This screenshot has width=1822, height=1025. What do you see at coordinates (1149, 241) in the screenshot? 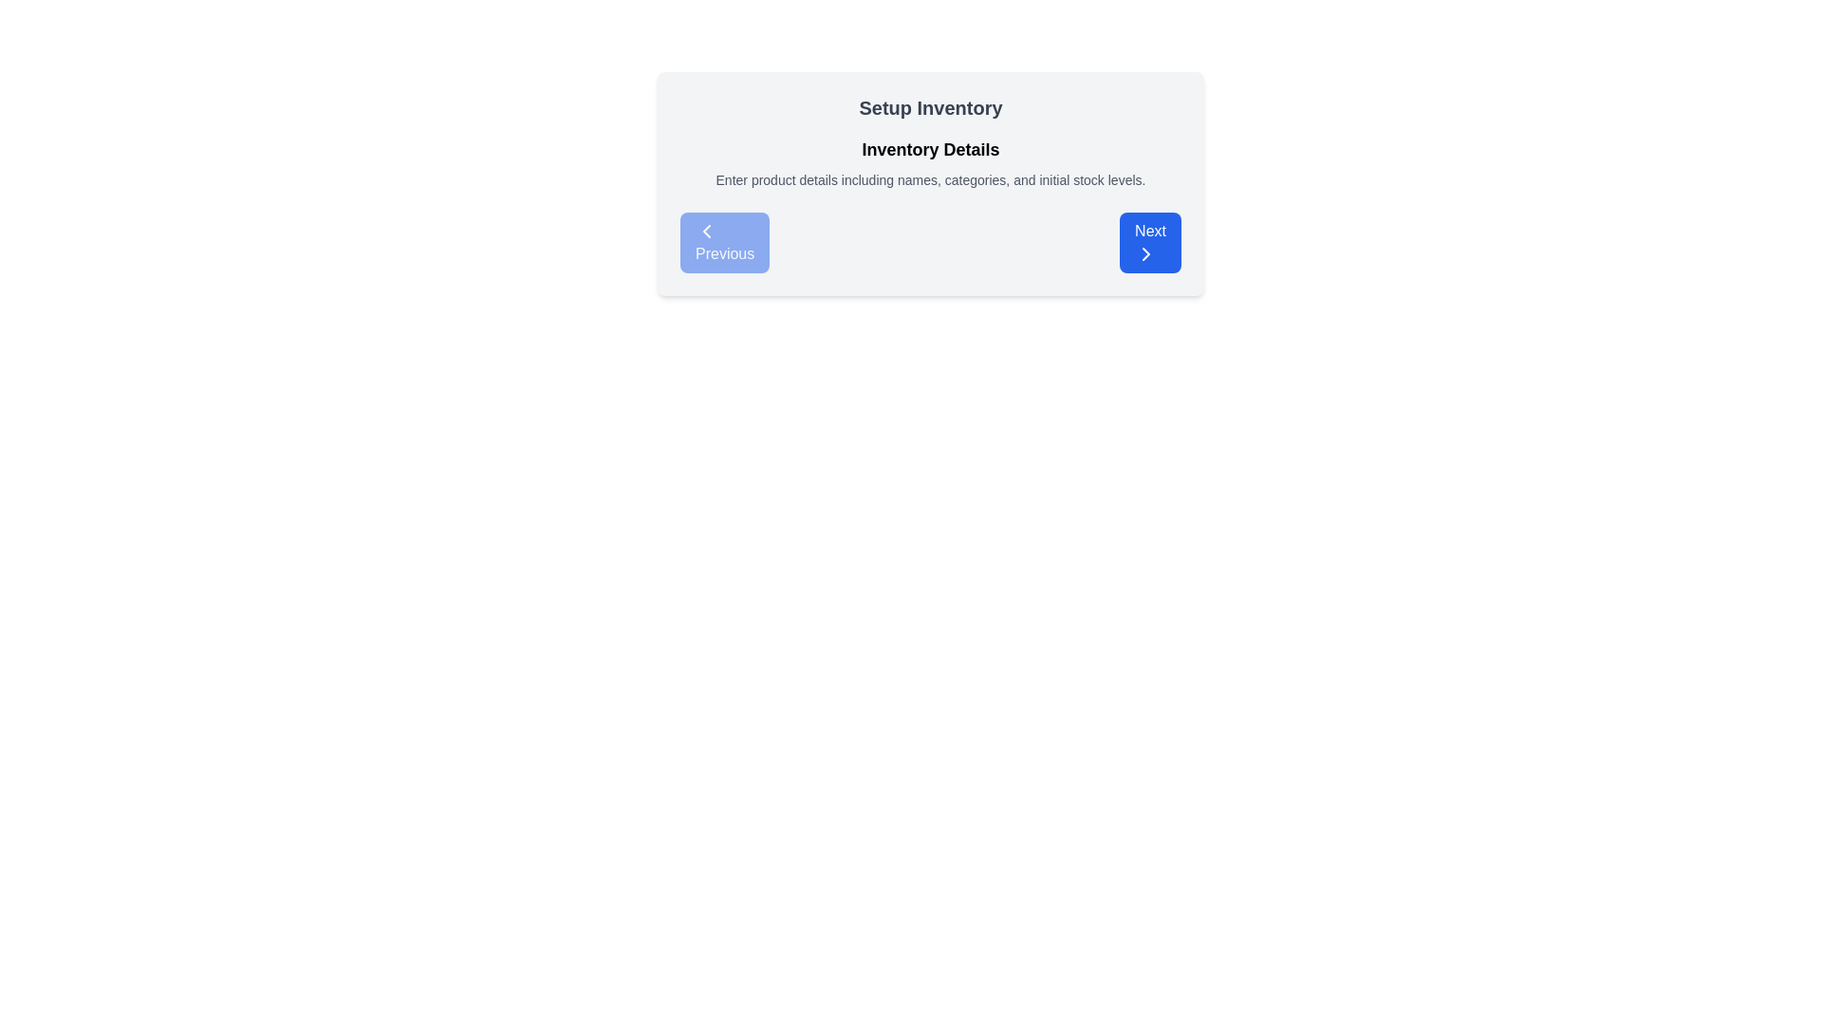
I see `the blue rectangular button labeled 'Next'` at bounding box center [1149, 241].